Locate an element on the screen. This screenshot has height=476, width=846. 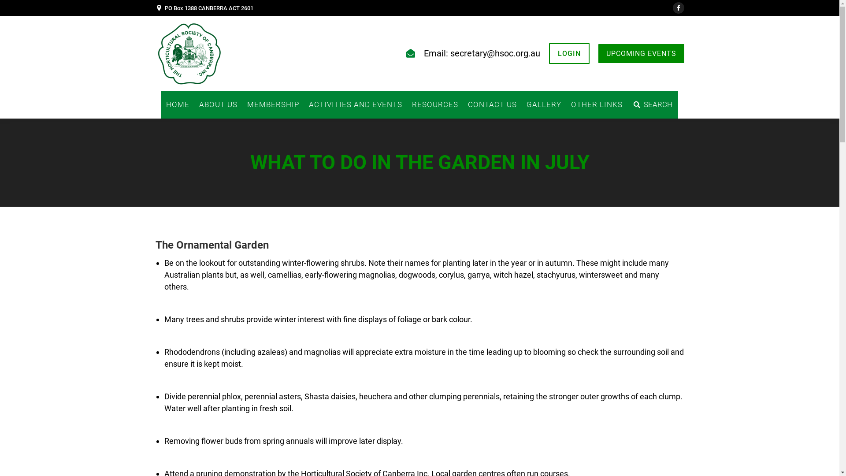
'LOGIN' is located at coordinates (569, 53).